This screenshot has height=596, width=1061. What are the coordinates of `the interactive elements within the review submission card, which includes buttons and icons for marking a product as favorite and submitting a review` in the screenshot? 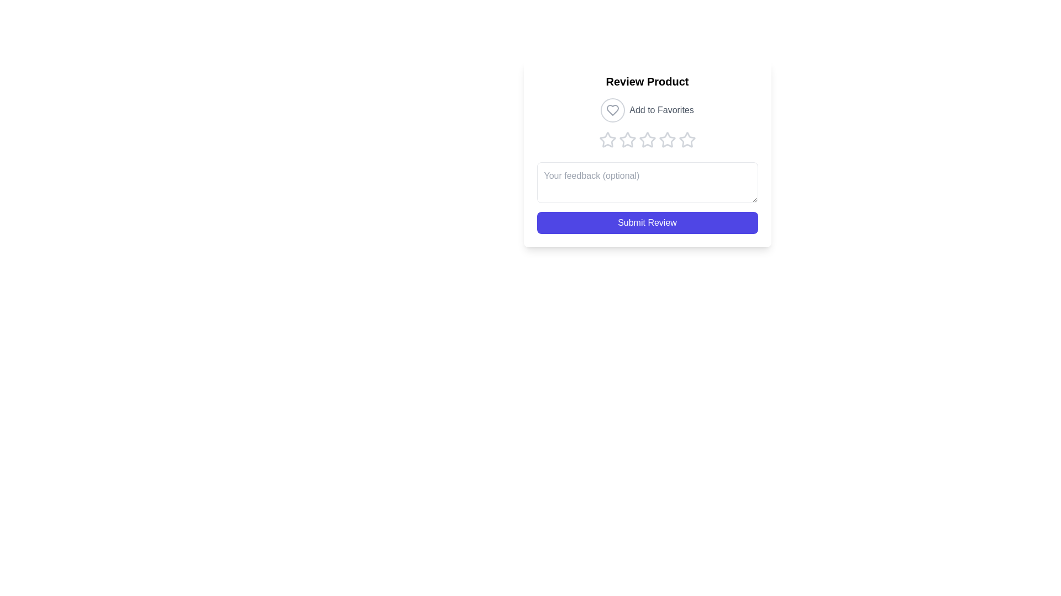 It's located at (647, 153).